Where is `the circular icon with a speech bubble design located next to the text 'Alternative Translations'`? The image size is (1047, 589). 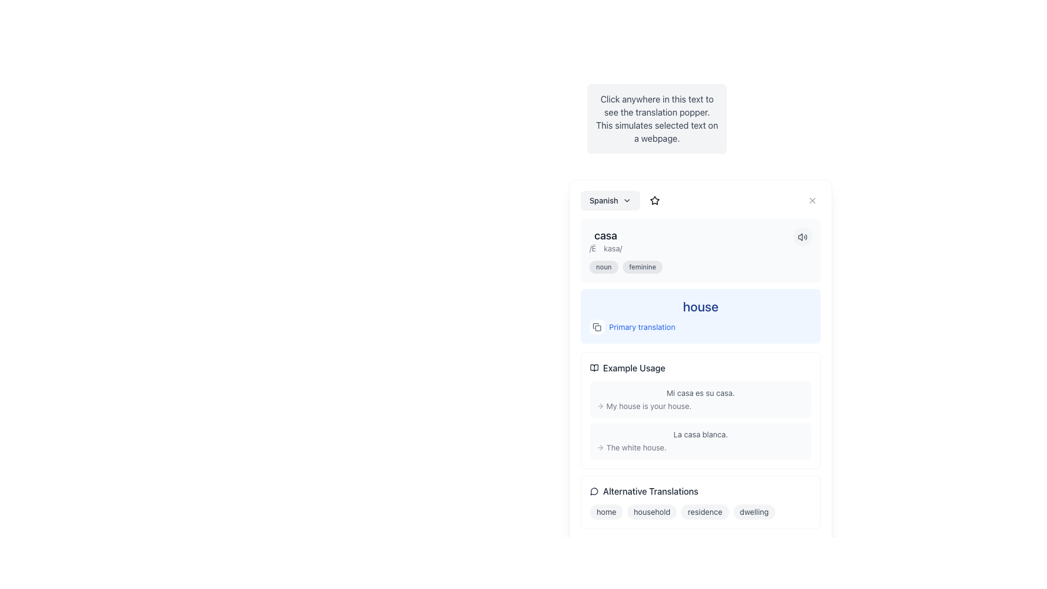
the circular icon with a speech bubble design located next to the text 'Alternative Translations' is located at coordinates (593, 491).